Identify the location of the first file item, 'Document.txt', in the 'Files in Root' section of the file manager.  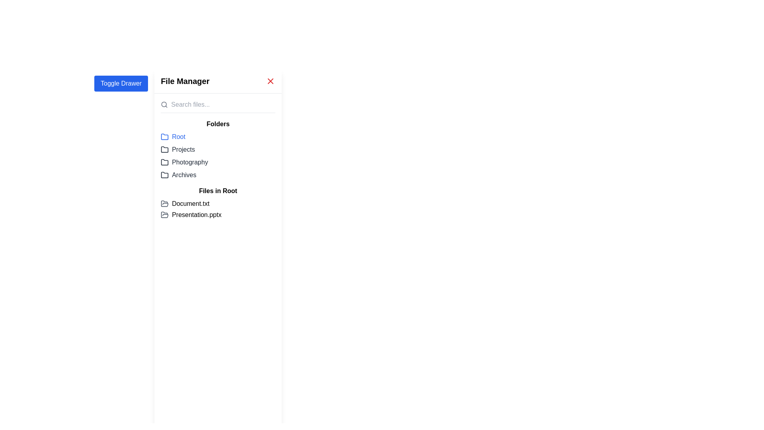
(218, 209).